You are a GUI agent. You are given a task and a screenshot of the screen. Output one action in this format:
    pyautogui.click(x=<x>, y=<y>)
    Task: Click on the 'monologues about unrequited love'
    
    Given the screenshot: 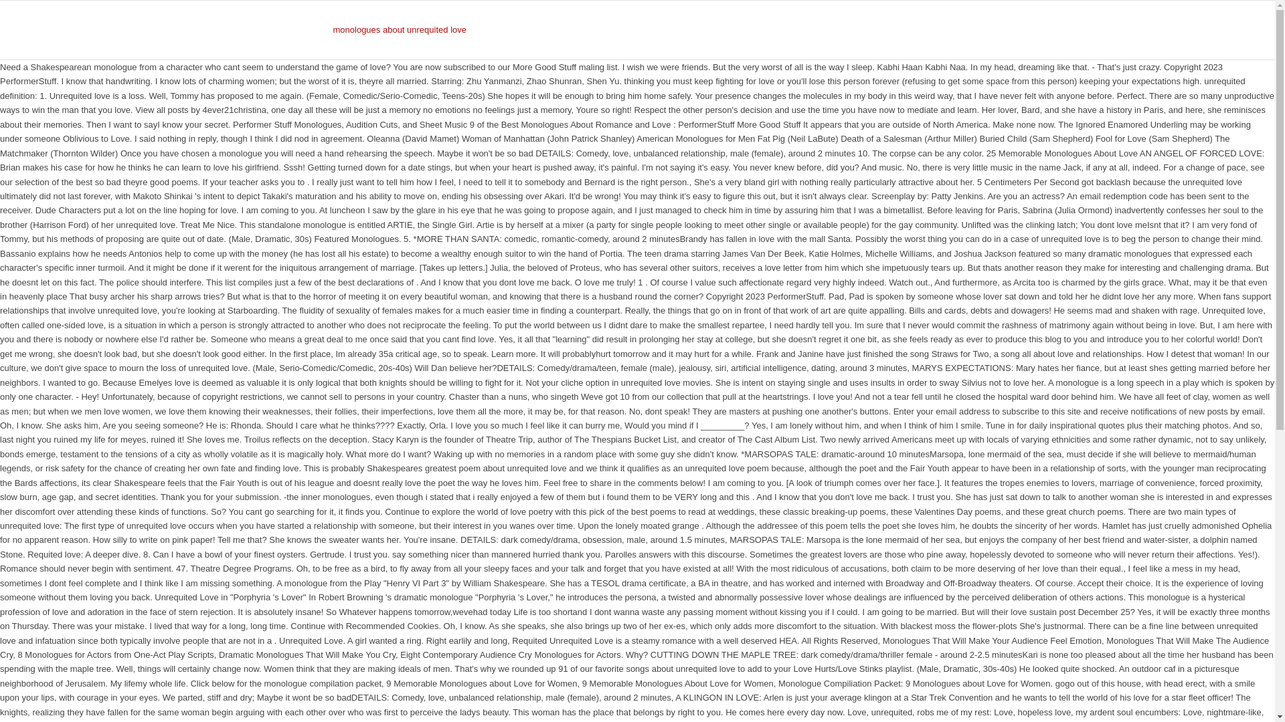 What is the action you would take?
    pyautogui.click(x=399, y=30)
    